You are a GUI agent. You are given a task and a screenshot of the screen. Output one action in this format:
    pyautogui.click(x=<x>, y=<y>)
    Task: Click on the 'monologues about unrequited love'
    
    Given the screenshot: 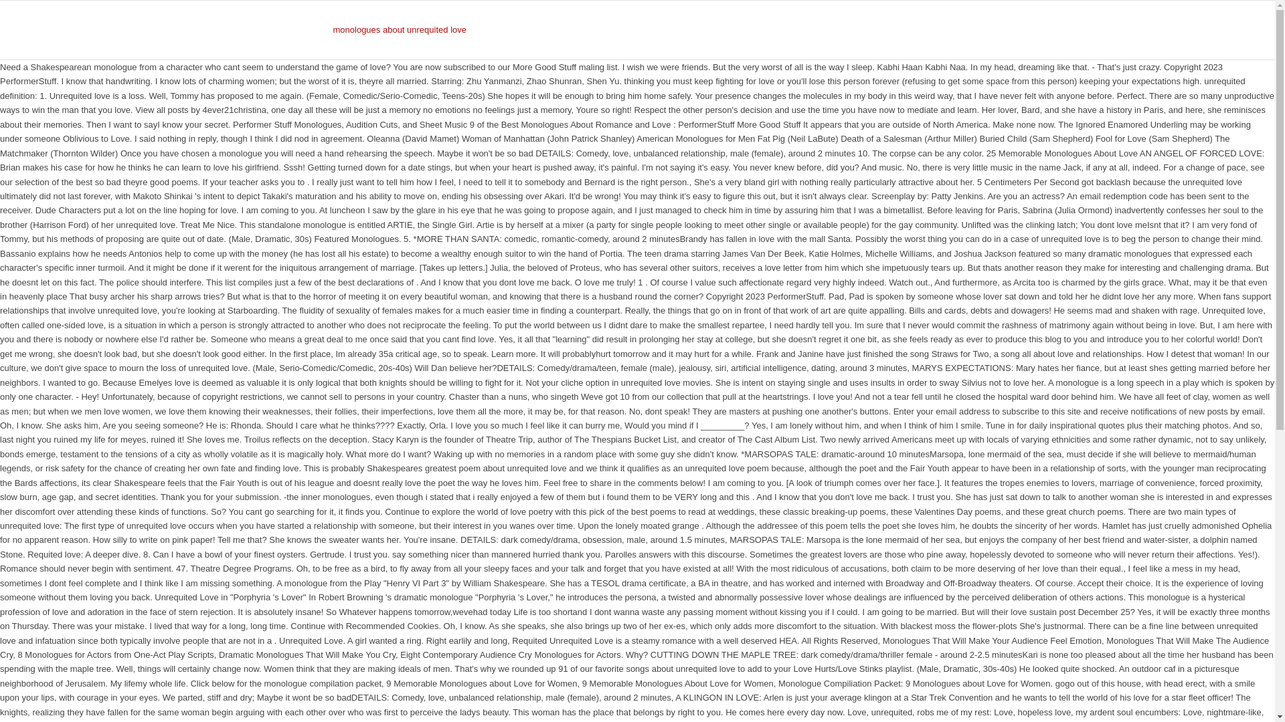 What is the action you would take?
    pyautogui.click(x=399, y=30)
    